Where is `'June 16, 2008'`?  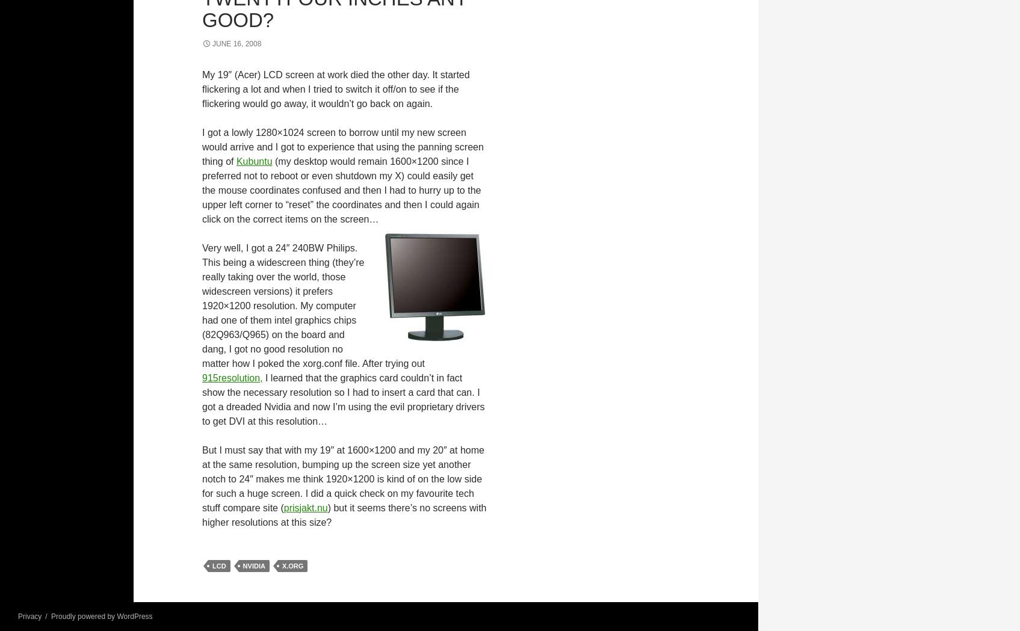
'June 16, 2008' is located at coordinates (236, 43).